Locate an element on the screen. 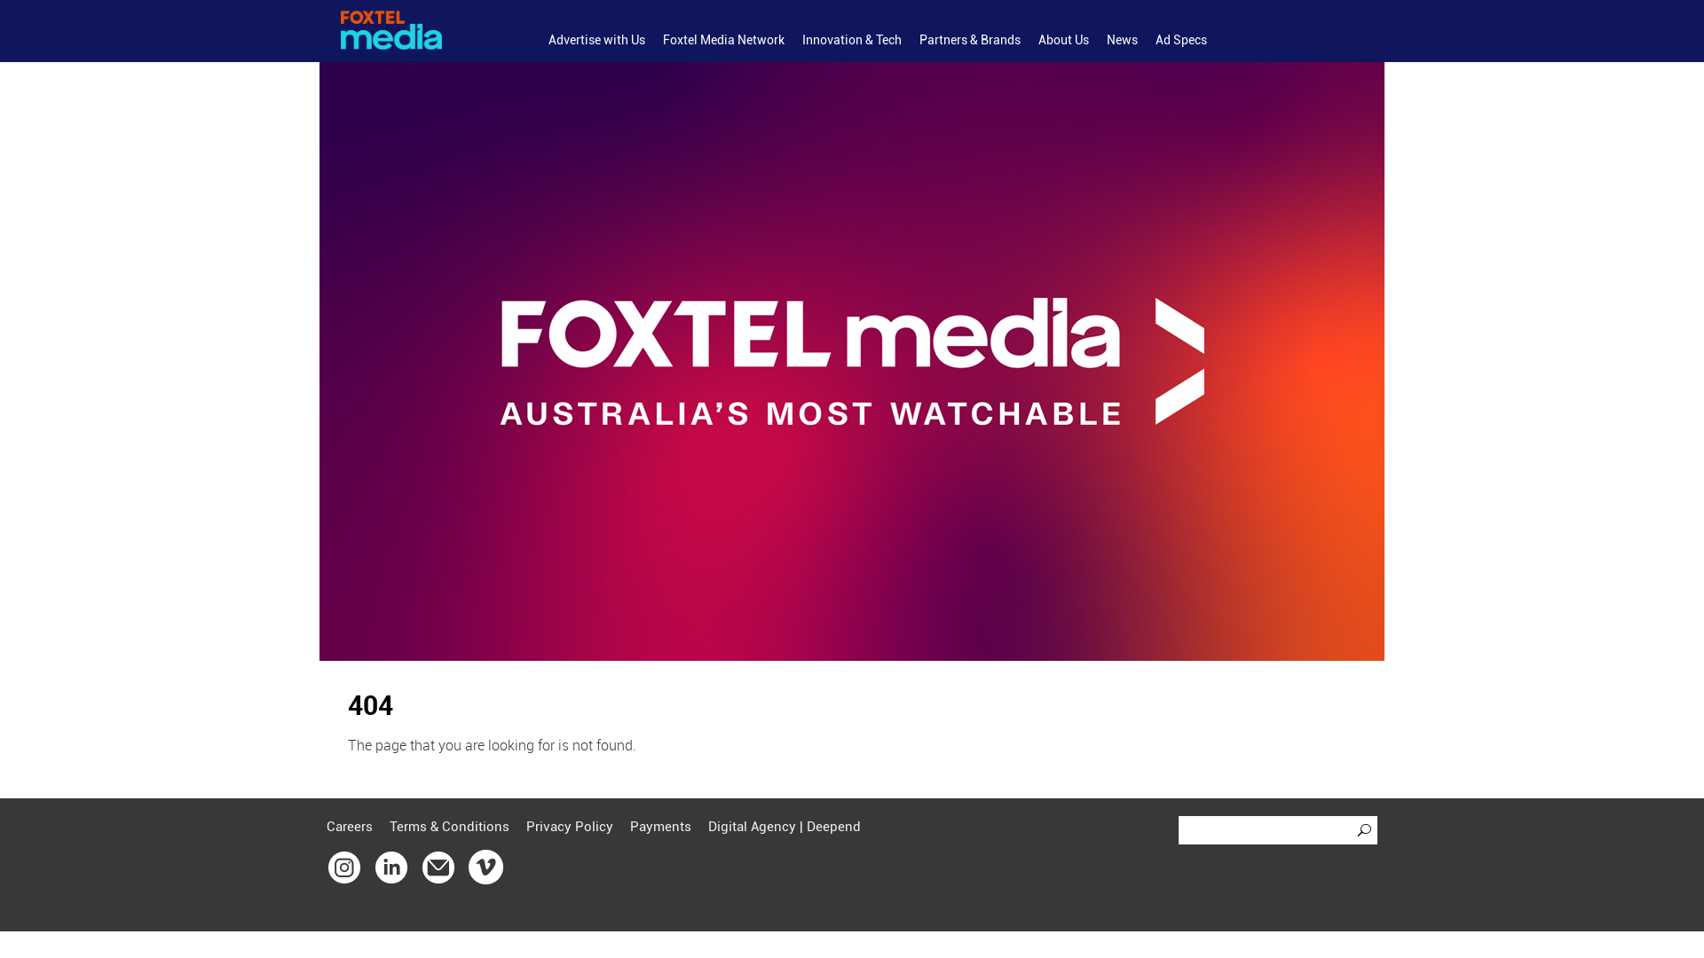 The width and height of the screenshot is (1704, 958). 'Digital Agency | Deepend' is located at coordinates (706, 827).